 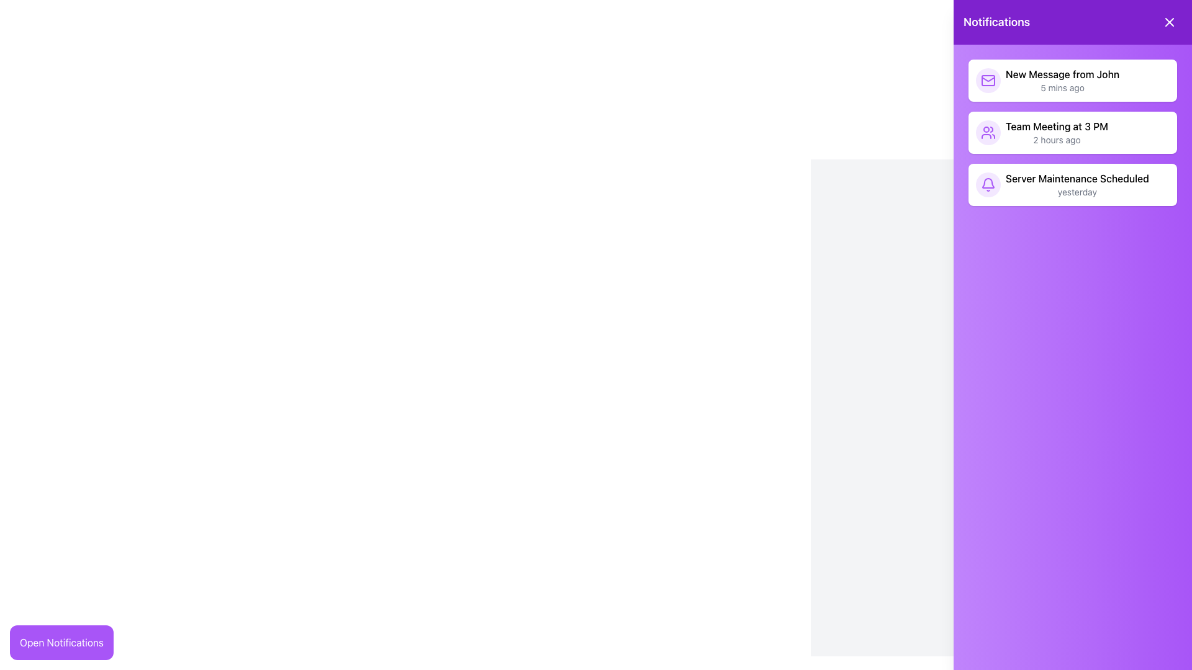 I want to click on the icon representing a team meeting located to the left of the 'Team Meeting at 3 PM' notification in the middle segment of the vertically stacked notification list, so click(x=988, y=132).